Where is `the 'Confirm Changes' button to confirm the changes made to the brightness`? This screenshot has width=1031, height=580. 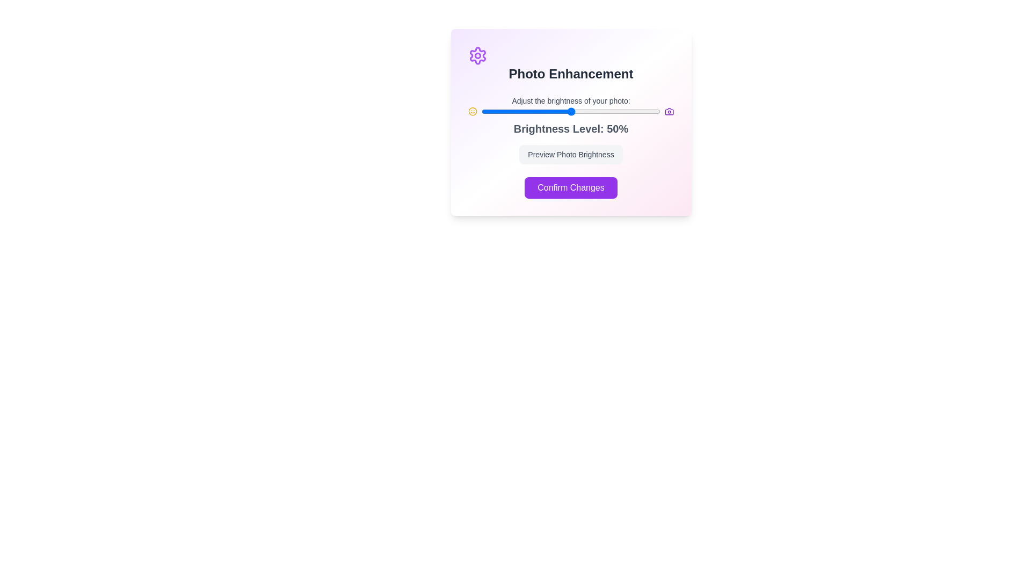
the 'Confirm Changes' button to confirm the changes made to the brightness is located at coordinates (570, 187).